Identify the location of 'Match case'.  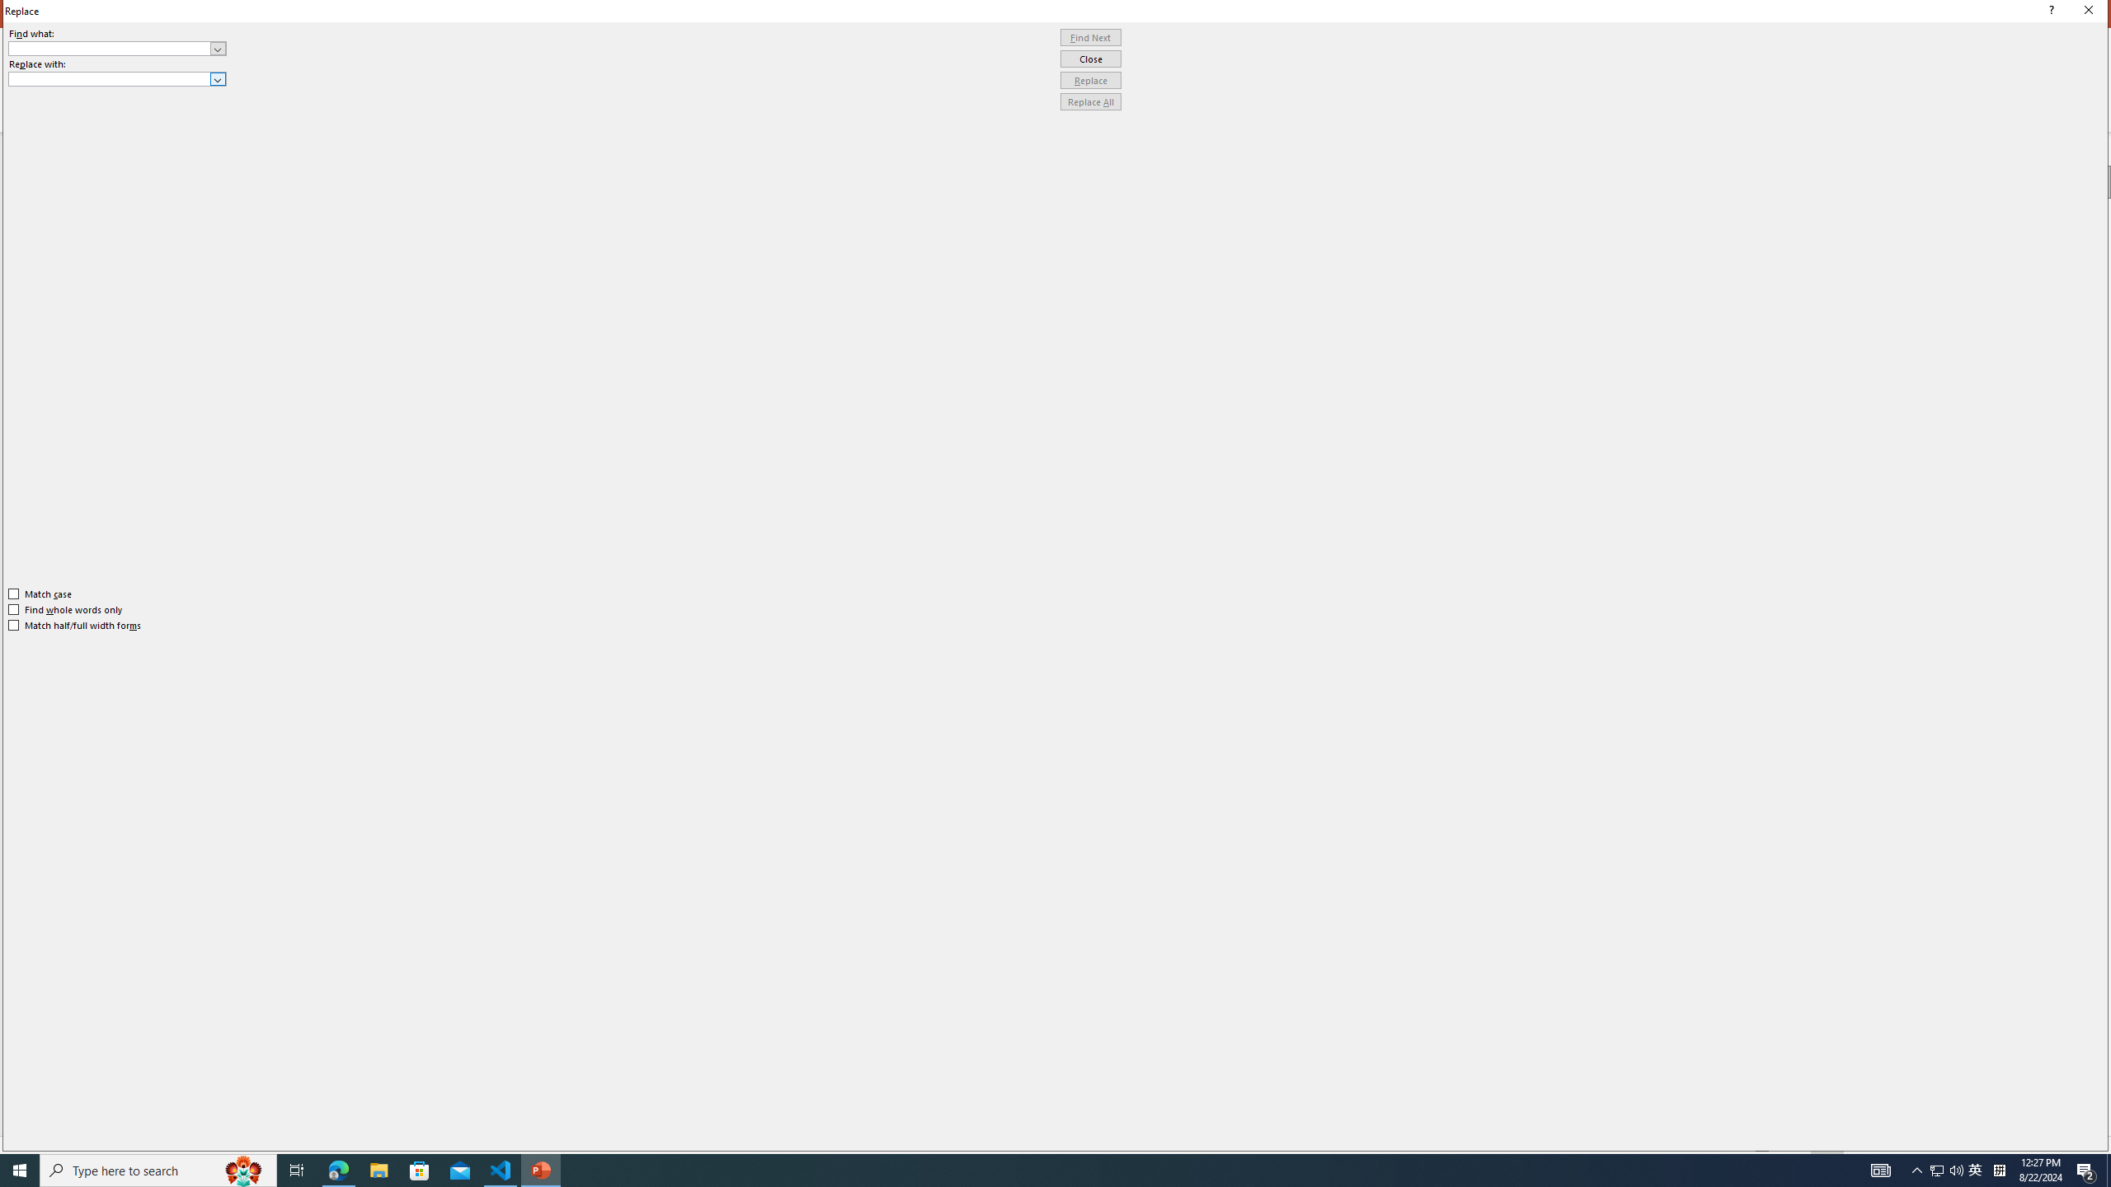
(40, 593).